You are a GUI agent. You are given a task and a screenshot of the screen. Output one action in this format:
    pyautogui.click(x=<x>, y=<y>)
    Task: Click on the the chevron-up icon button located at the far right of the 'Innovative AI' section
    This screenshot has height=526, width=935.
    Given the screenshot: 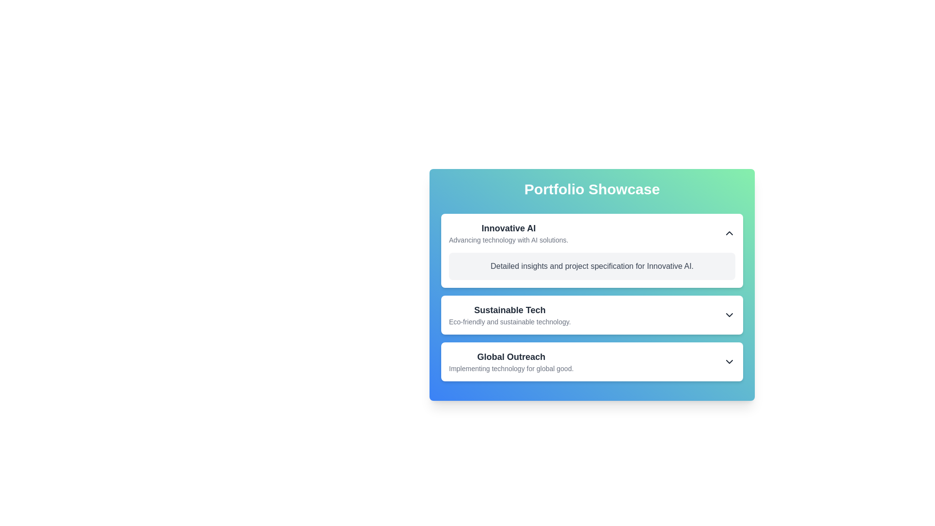 What is the action you would take?
    pyautogui.click(x=729, y=233)
    